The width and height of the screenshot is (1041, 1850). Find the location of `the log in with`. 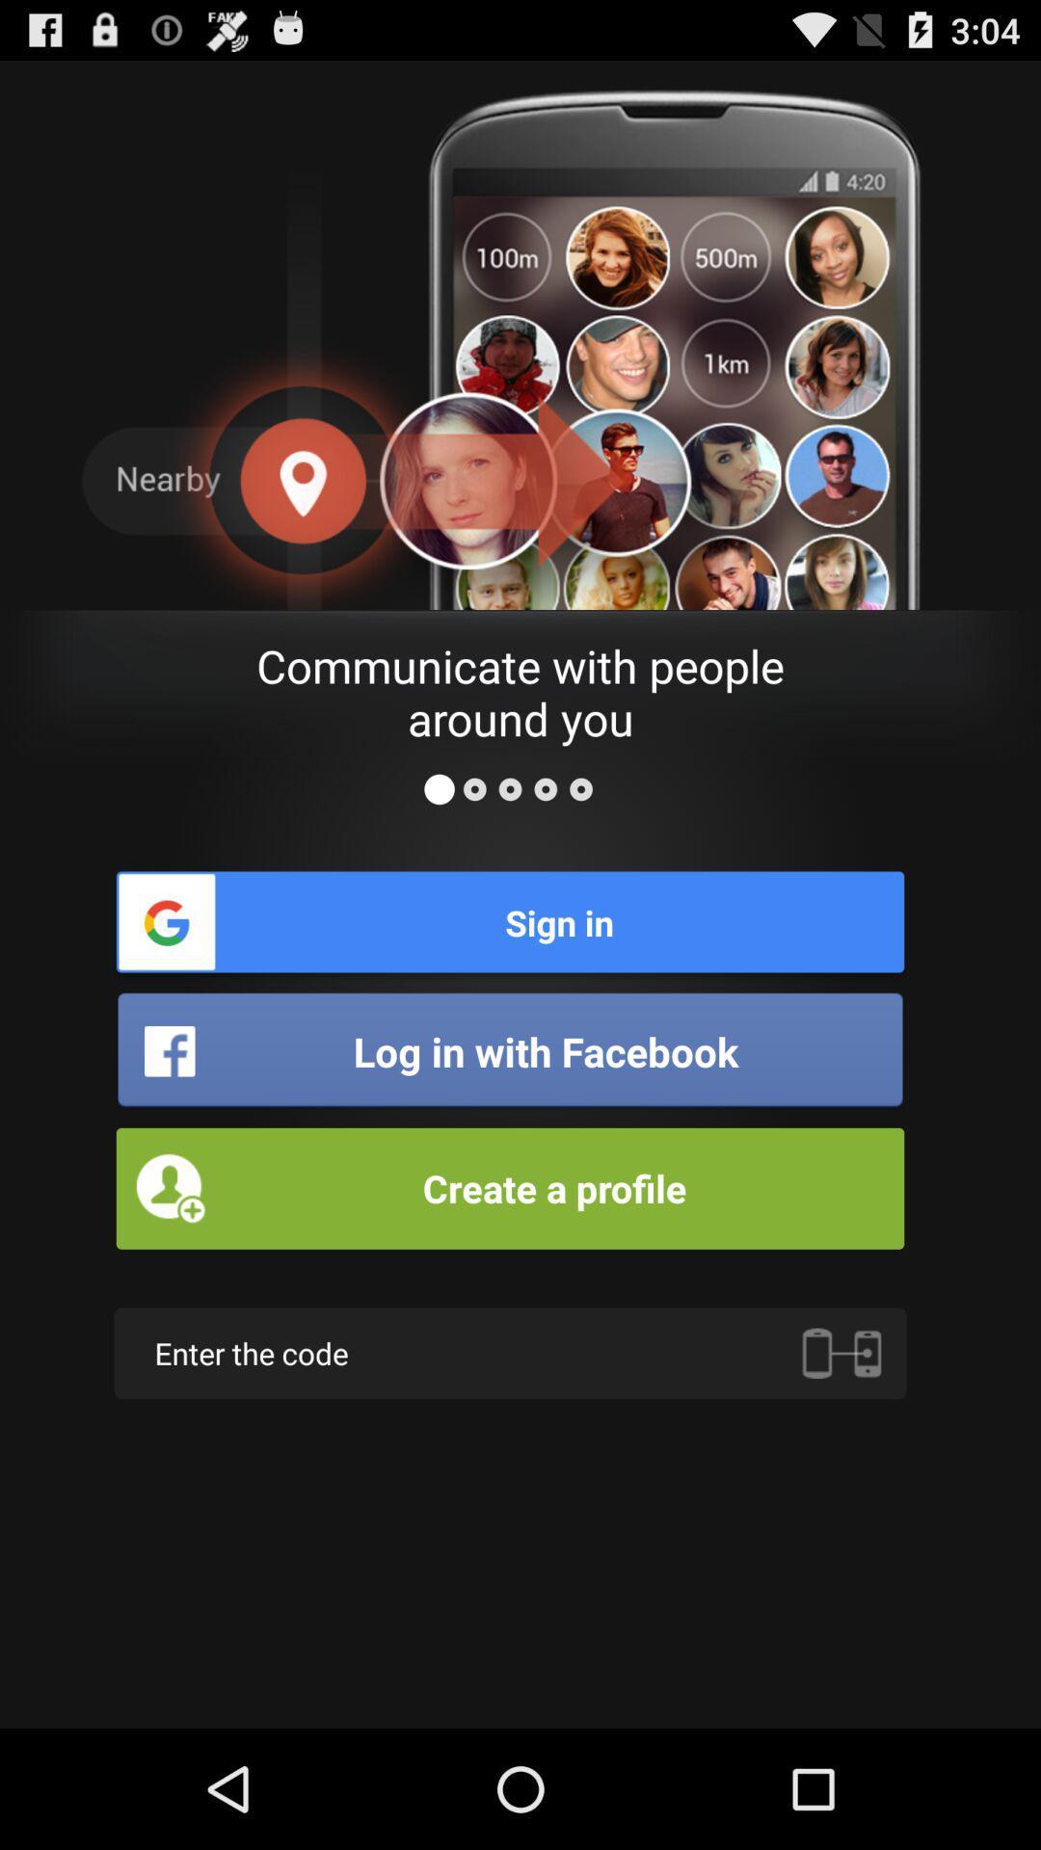

the log in with is located at coordinates (509, 1050).